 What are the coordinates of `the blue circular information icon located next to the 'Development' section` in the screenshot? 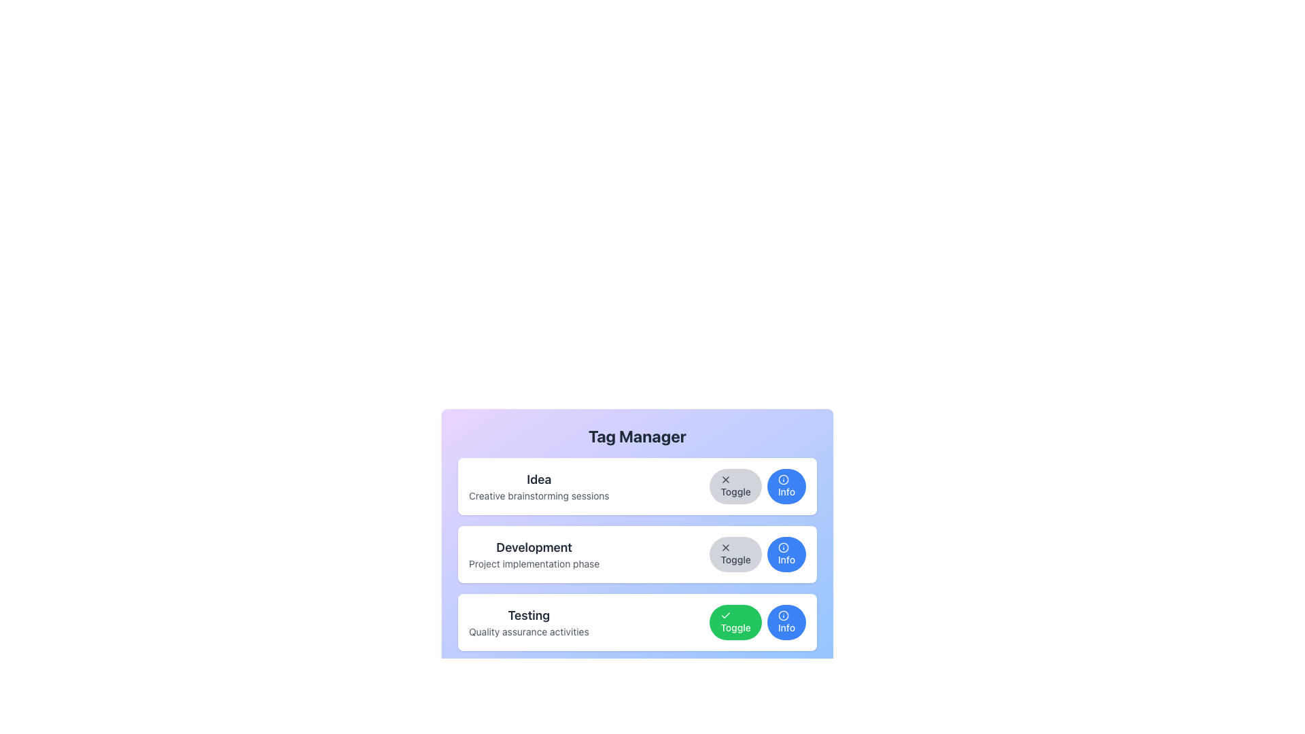 It's located at (783, 547).